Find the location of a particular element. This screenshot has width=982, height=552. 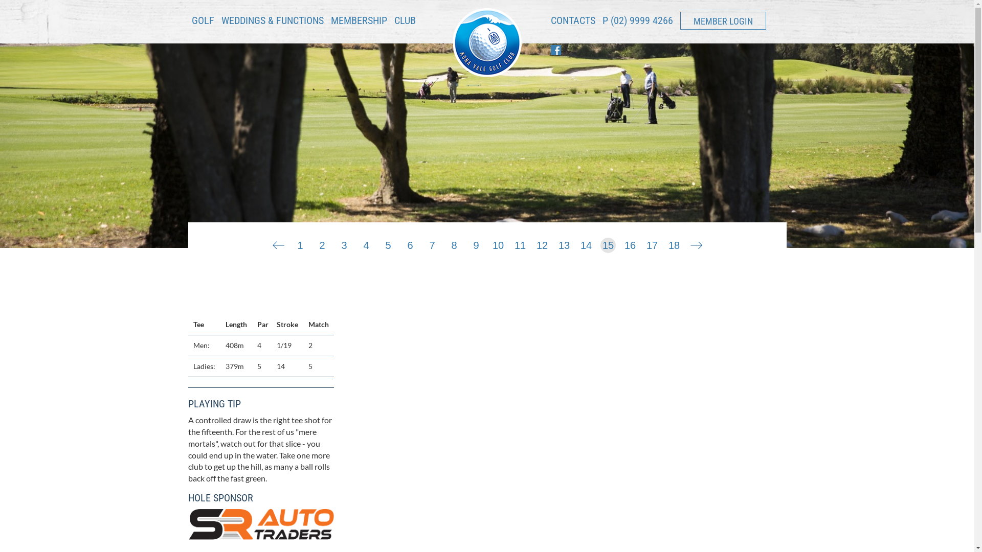

'WEDDINGS & FUNCTIONS' is located at coordinates (272, 24).